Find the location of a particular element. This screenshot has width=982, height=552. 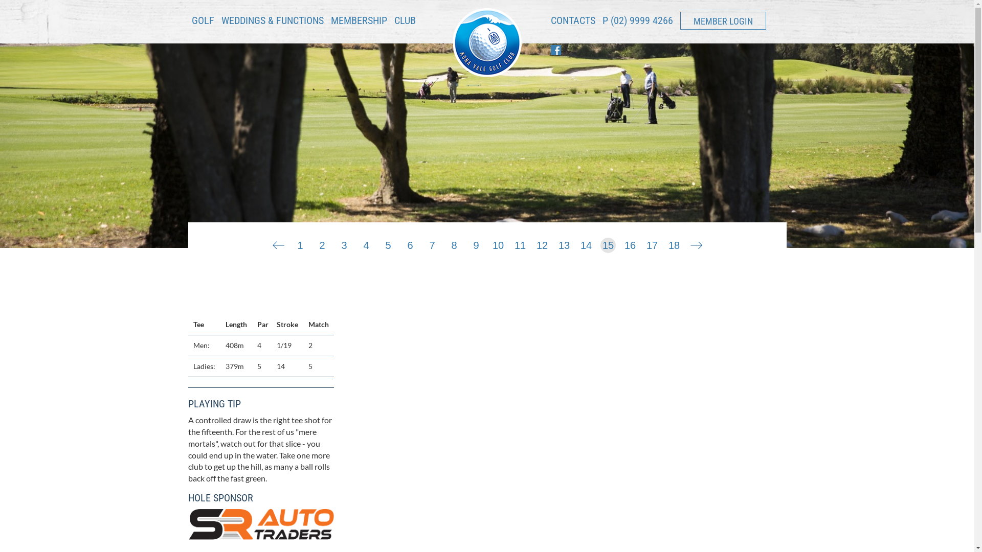

'WEDDINGS & FUNCTIONS' is located at coordinates (272, 24).